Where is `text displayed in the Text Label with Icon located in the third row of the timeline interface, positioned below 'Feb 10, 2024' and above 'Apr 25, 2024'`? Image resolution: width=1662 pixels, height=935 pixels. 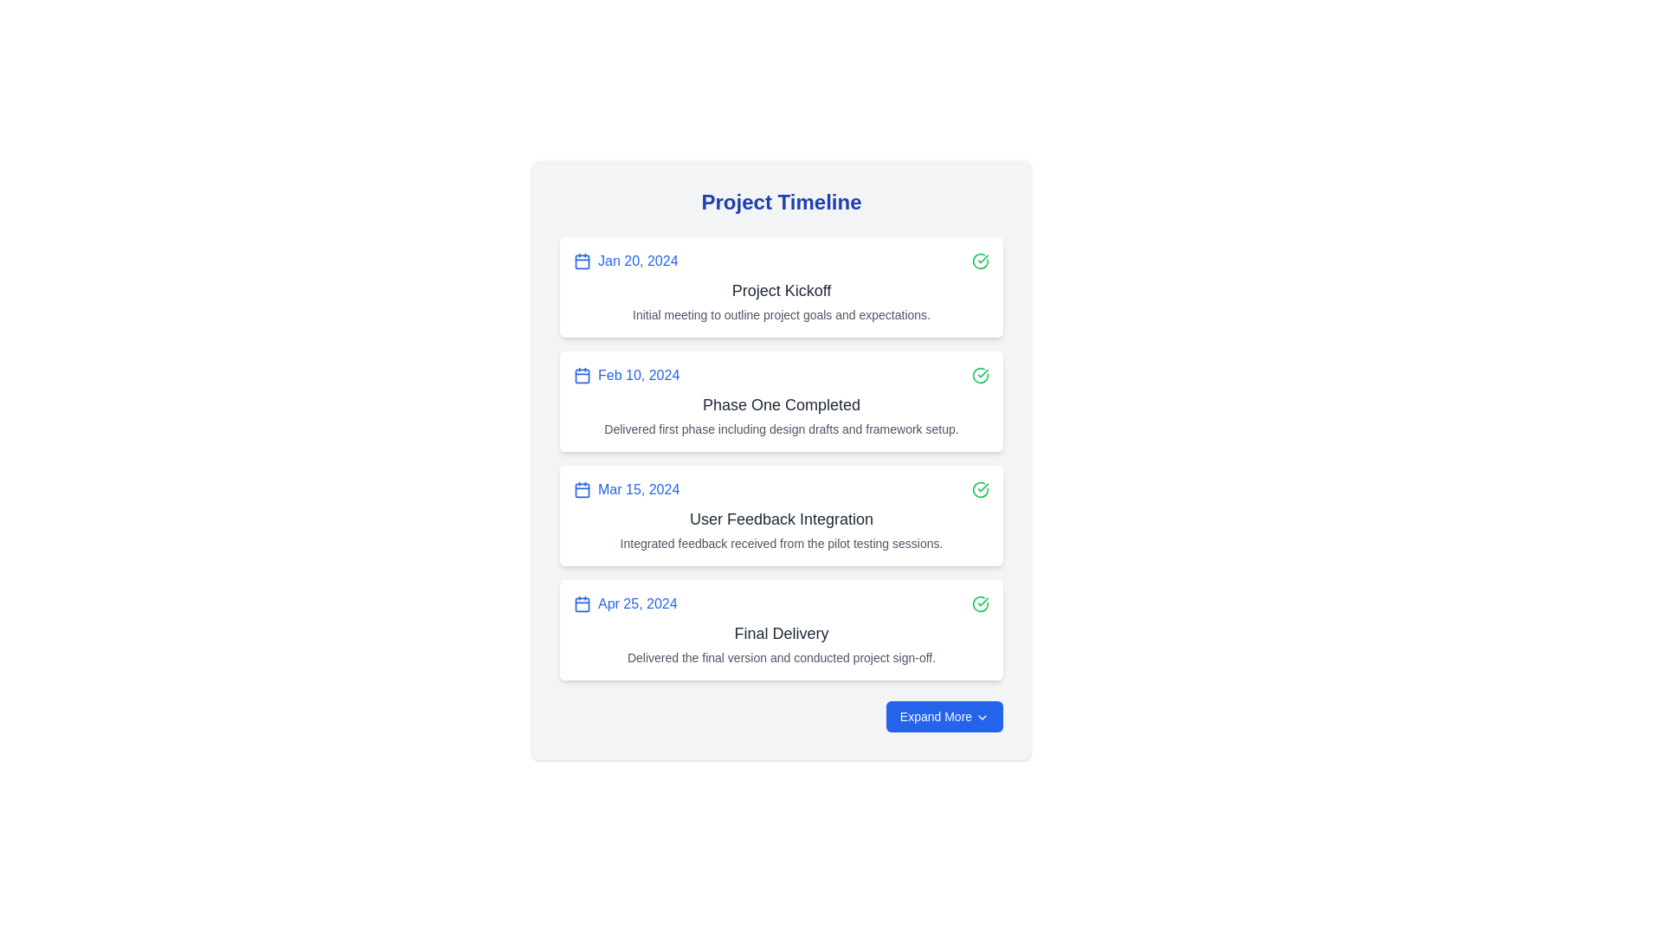
text displayed in the Text Label with Icon located in the third row of the timeline interface, positioned below 'Feb 10, 2024' and above 'Apr 25, 2024' is located at coordinates (626, 490).